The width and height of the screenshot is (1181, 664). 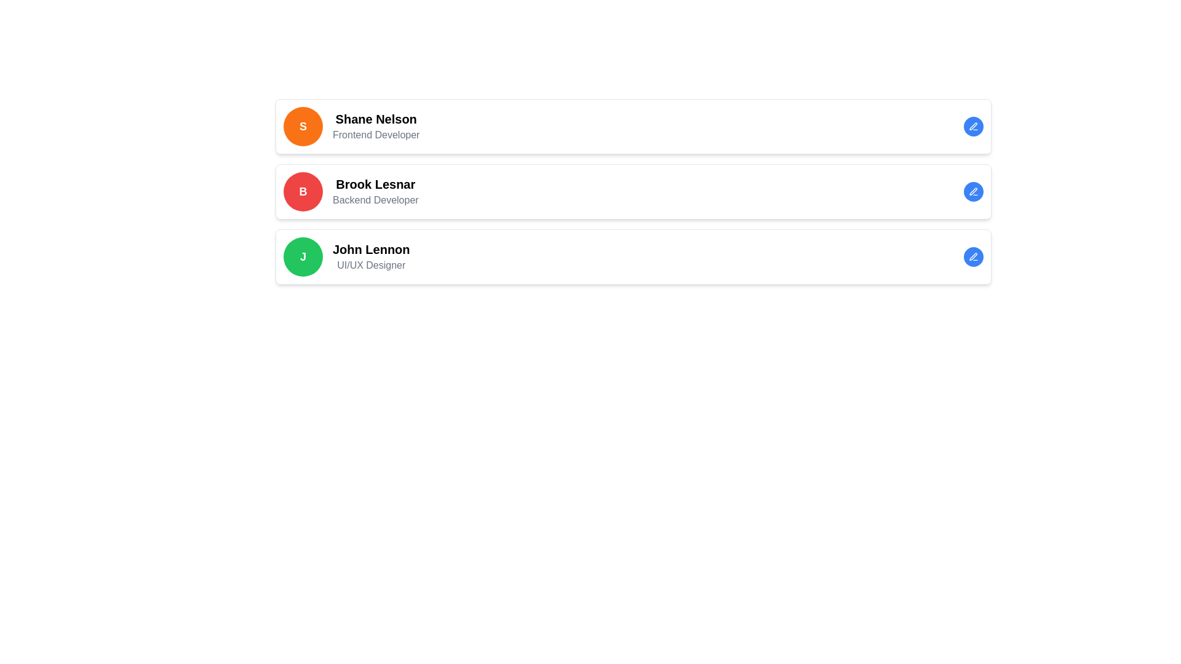 What do you see at coordinates (973, 256) in the screenshot?
I see `the edit button represented by a pen icon located on the rightmost edge of the profile section for 'John Lennon, UI/UX Designer' to initiate editing` at bounding box center [973, 256].